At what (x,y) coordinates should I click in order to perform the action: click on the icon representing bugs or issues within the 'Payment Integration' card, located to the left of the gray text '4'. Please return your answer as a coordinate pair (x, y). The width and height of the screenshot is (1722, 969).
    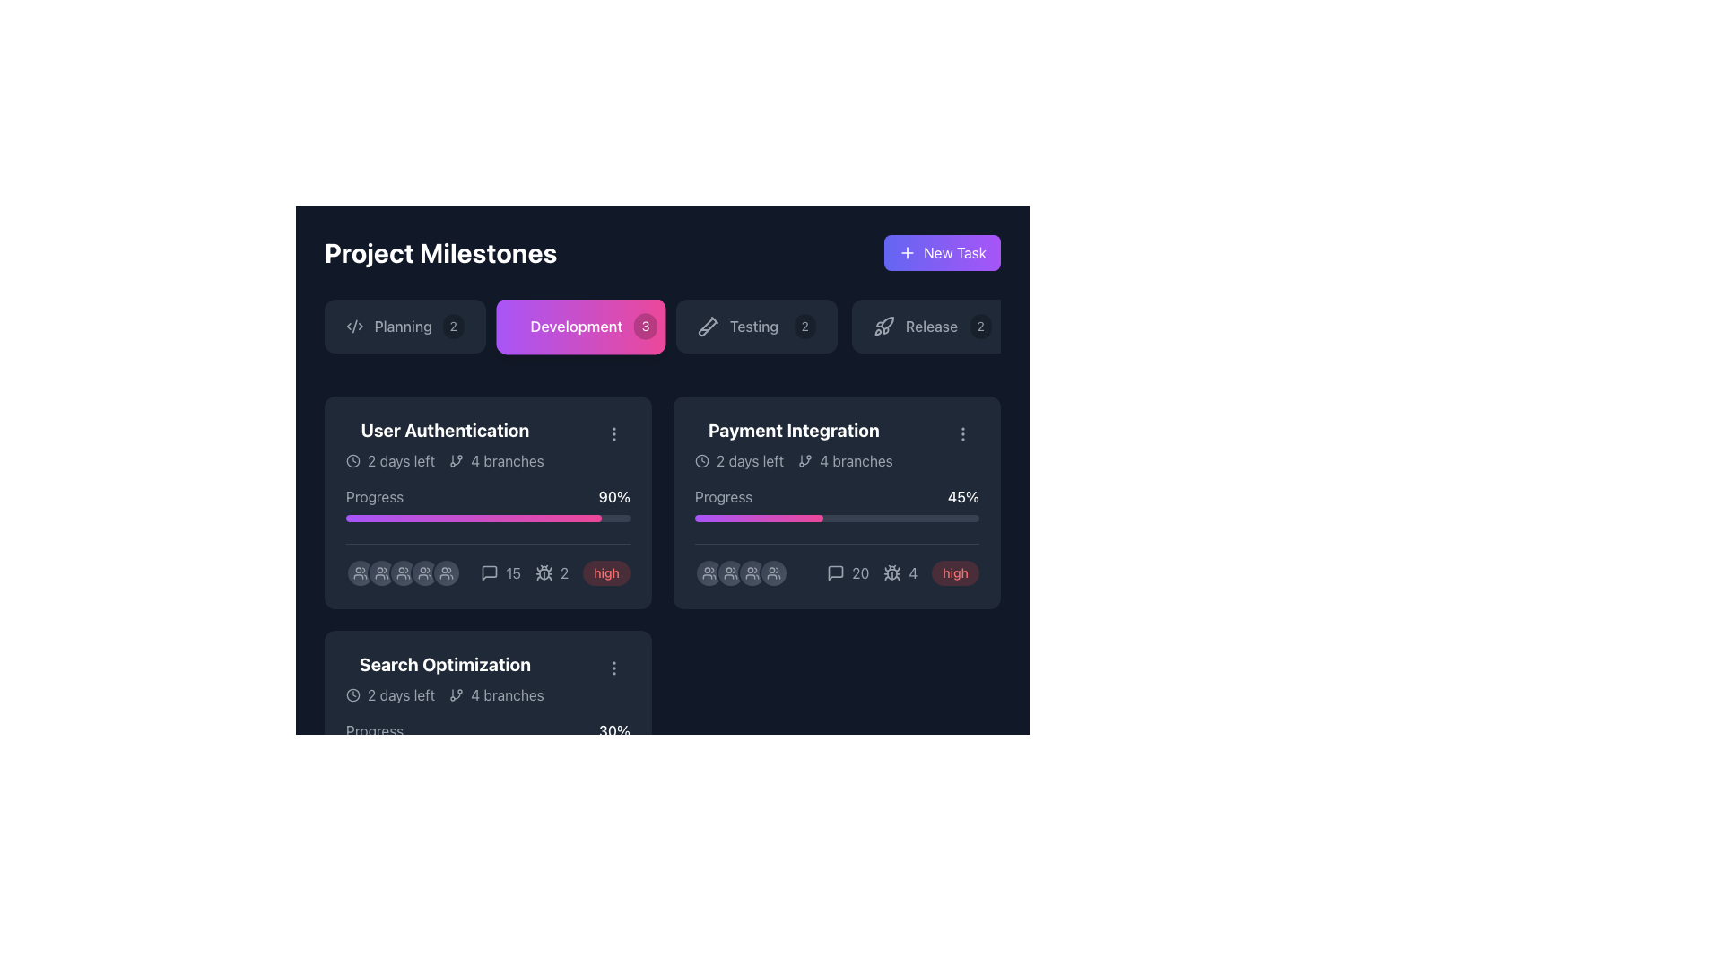
    Looking at the image, I should click on (892, 573).